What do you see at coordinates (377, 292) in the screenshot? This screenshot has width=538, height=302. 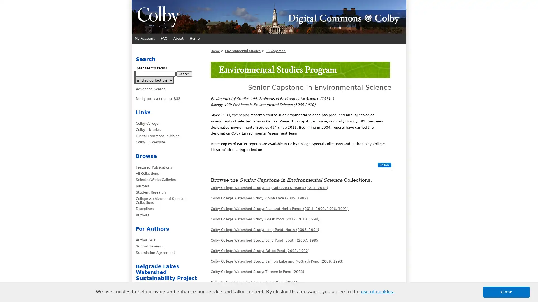 I see `learn more about cookies` at bounding box center [377, 292].